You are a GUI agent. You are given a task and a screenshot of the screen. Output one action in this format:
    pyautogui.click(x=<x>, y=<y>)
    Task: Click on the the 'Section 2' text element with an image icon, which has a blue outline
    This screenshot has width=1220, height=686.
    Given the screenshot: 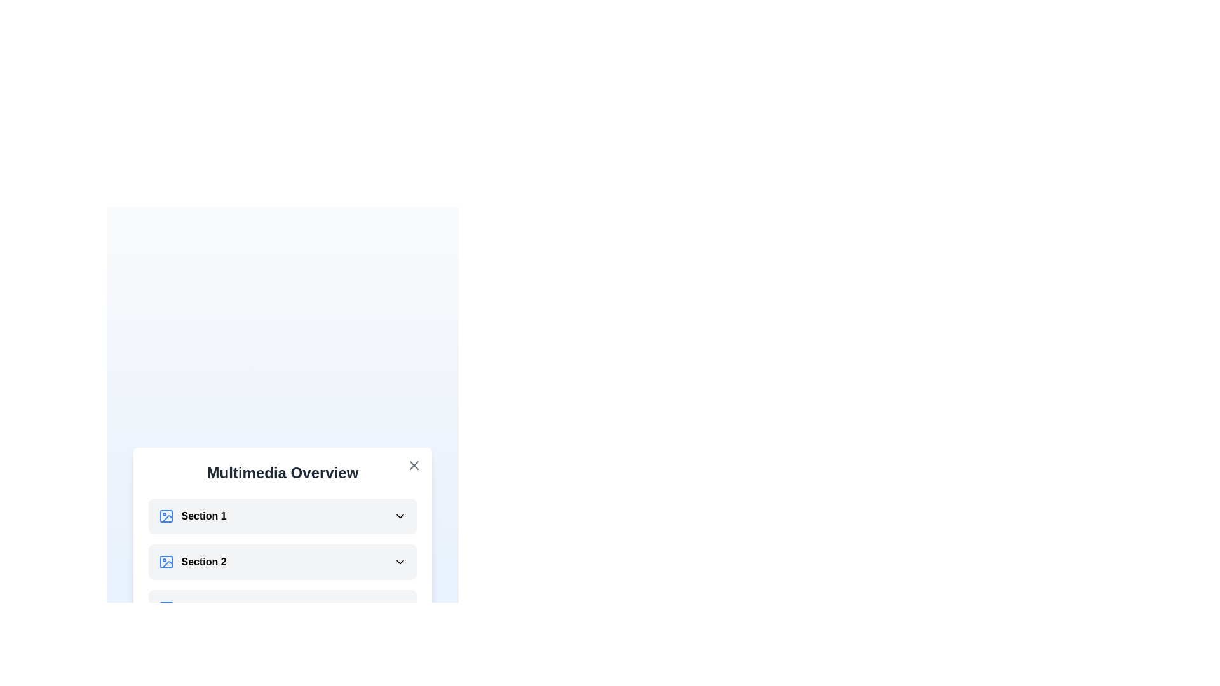 What is the action you would take?
    pyautogui.click(x=192, y=561)
    